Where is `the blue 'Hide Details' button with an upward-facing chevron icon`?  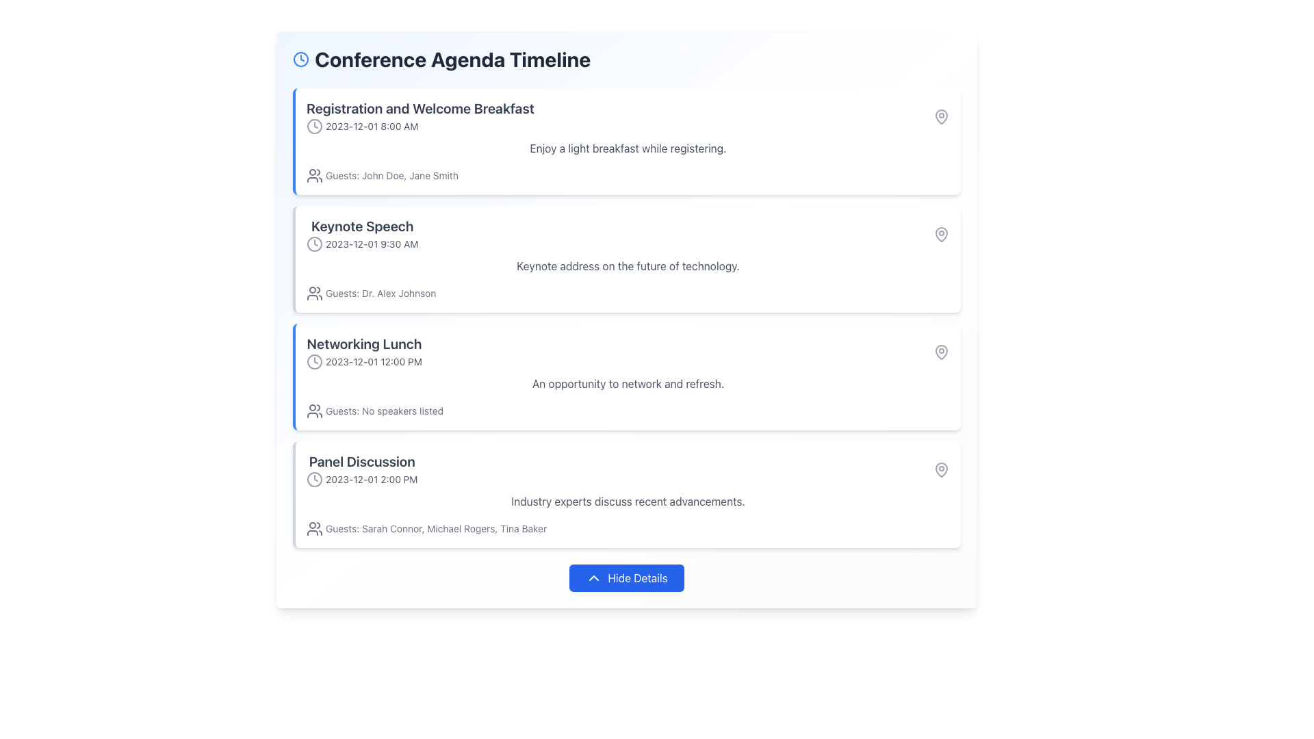
the blue 'Hide Details' button with an upward-facing chevron icon is located at coordinates (626, 578).